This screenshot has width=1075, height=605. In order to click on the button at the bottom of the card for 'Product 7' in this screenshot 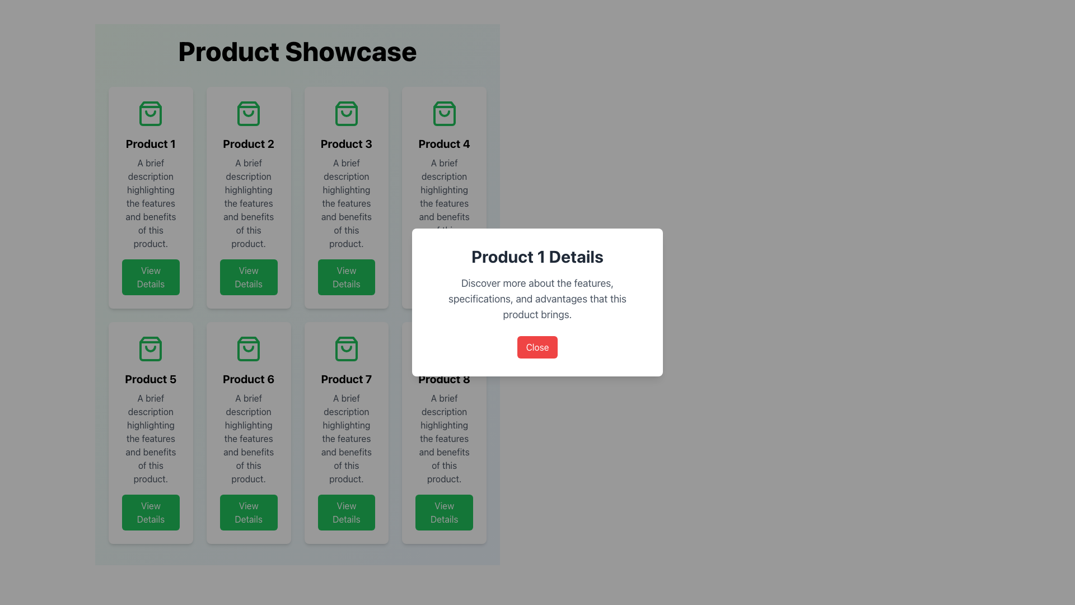, I will do `click(345, 512)`.